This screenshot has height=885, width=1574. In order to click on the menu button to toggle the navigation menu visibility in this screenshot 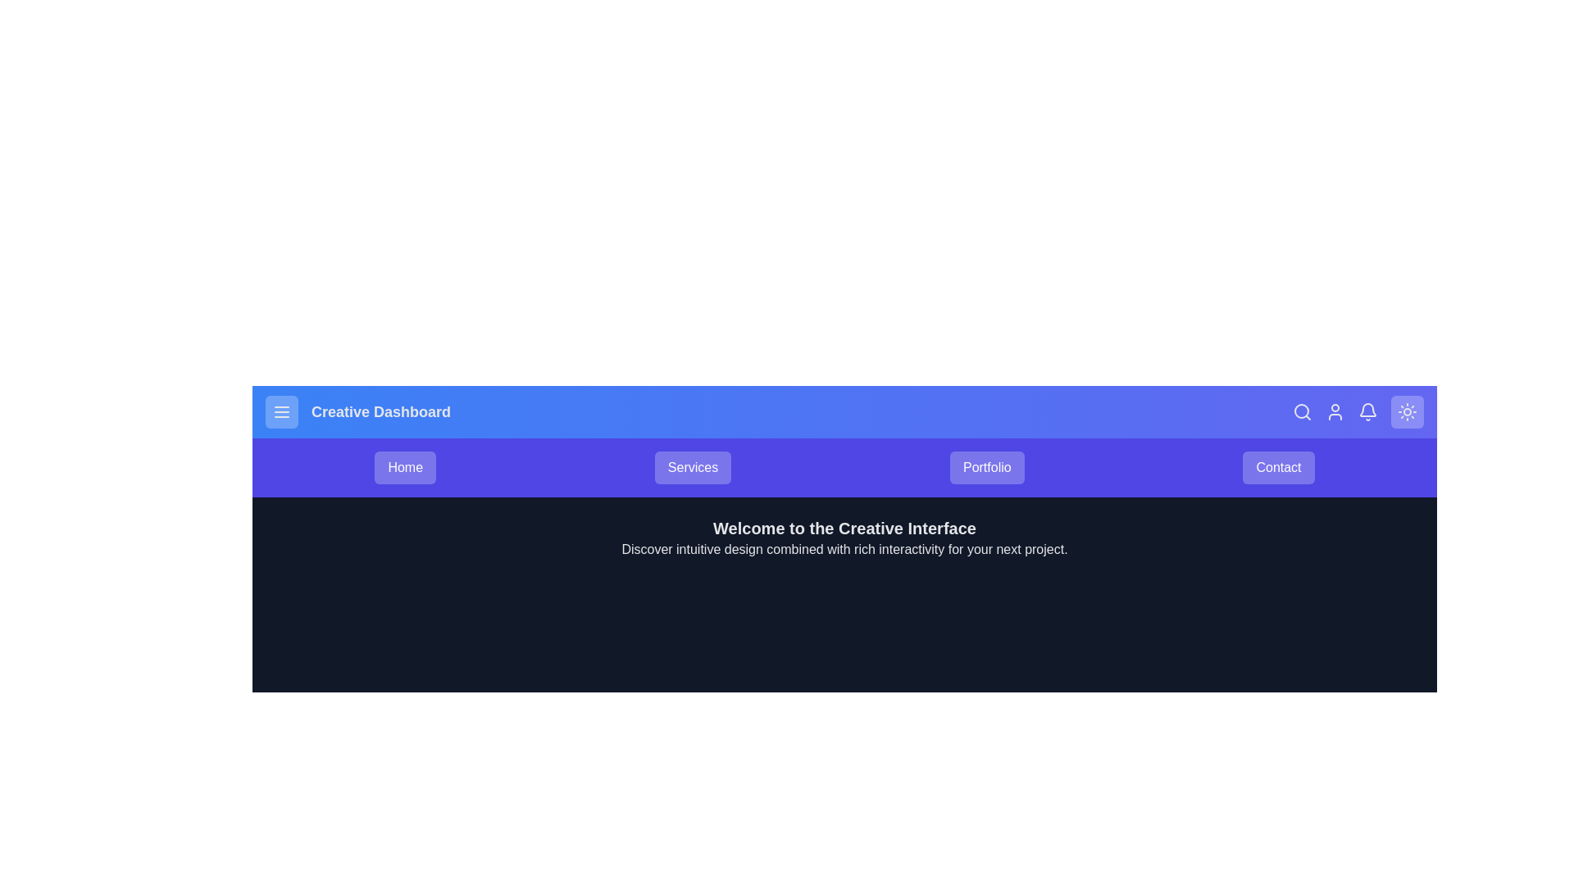, I will do `click(282, 411)`.